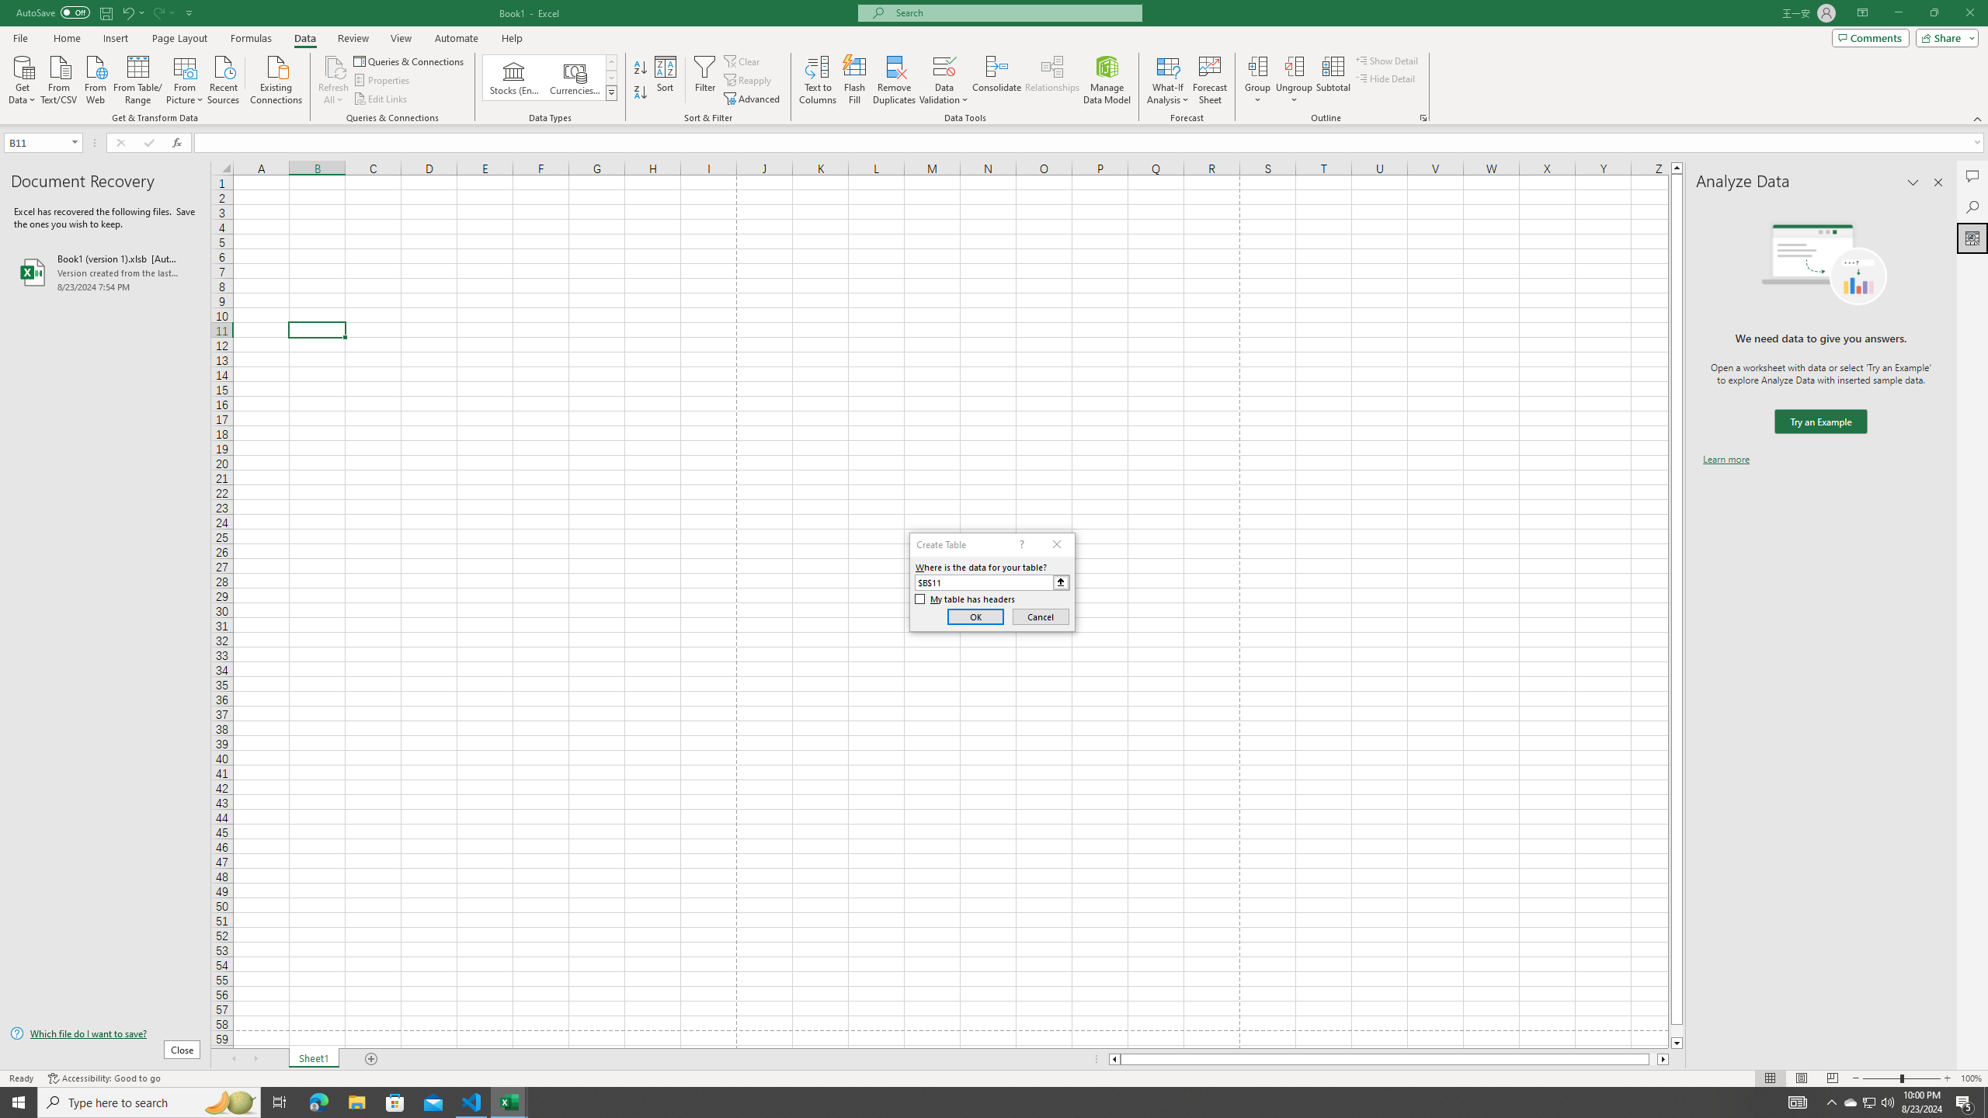 This screenshot has height=1118, width=1988. What do you see at coordinates (996, 80) in the screenshot?
I see `'Consolidate...'` at bounding box center [996, 80].